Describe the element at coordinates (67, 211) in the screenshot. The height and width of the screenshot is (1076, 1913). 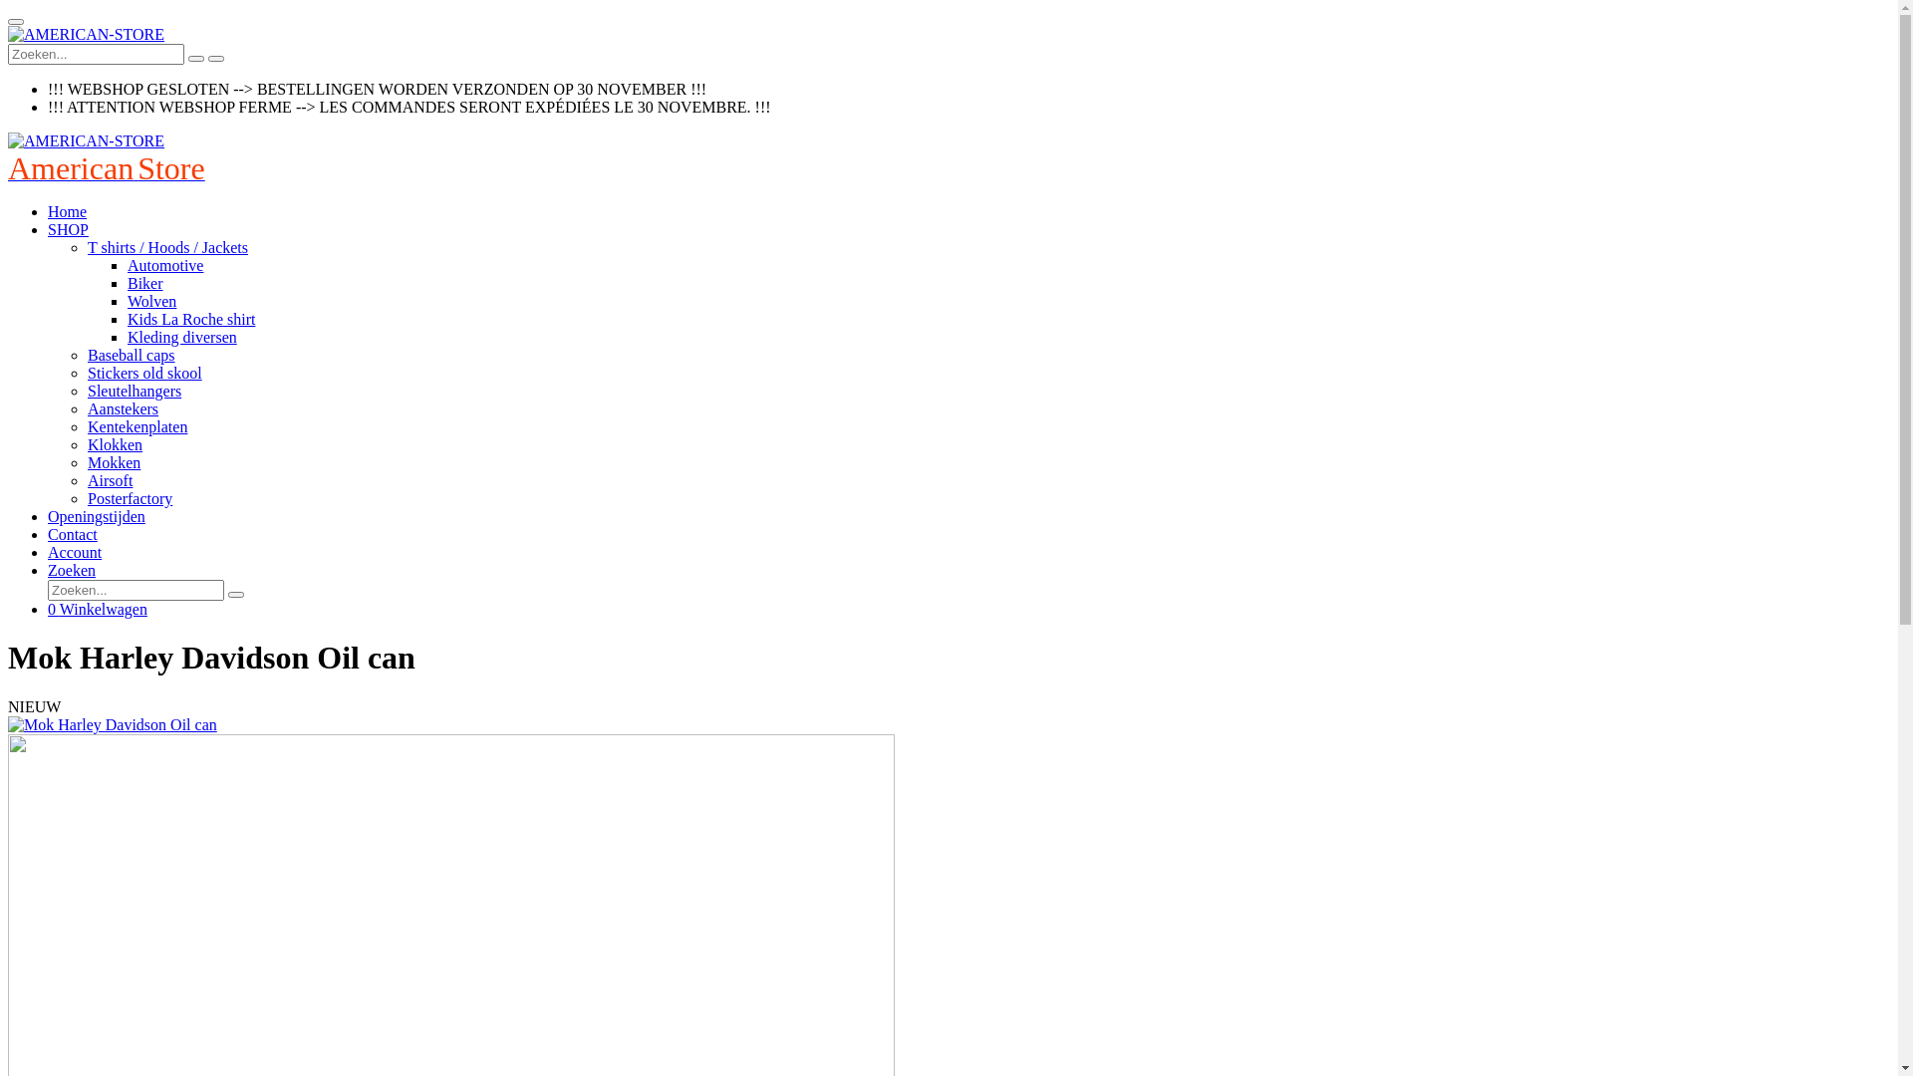
I see `'Home'` at that location.